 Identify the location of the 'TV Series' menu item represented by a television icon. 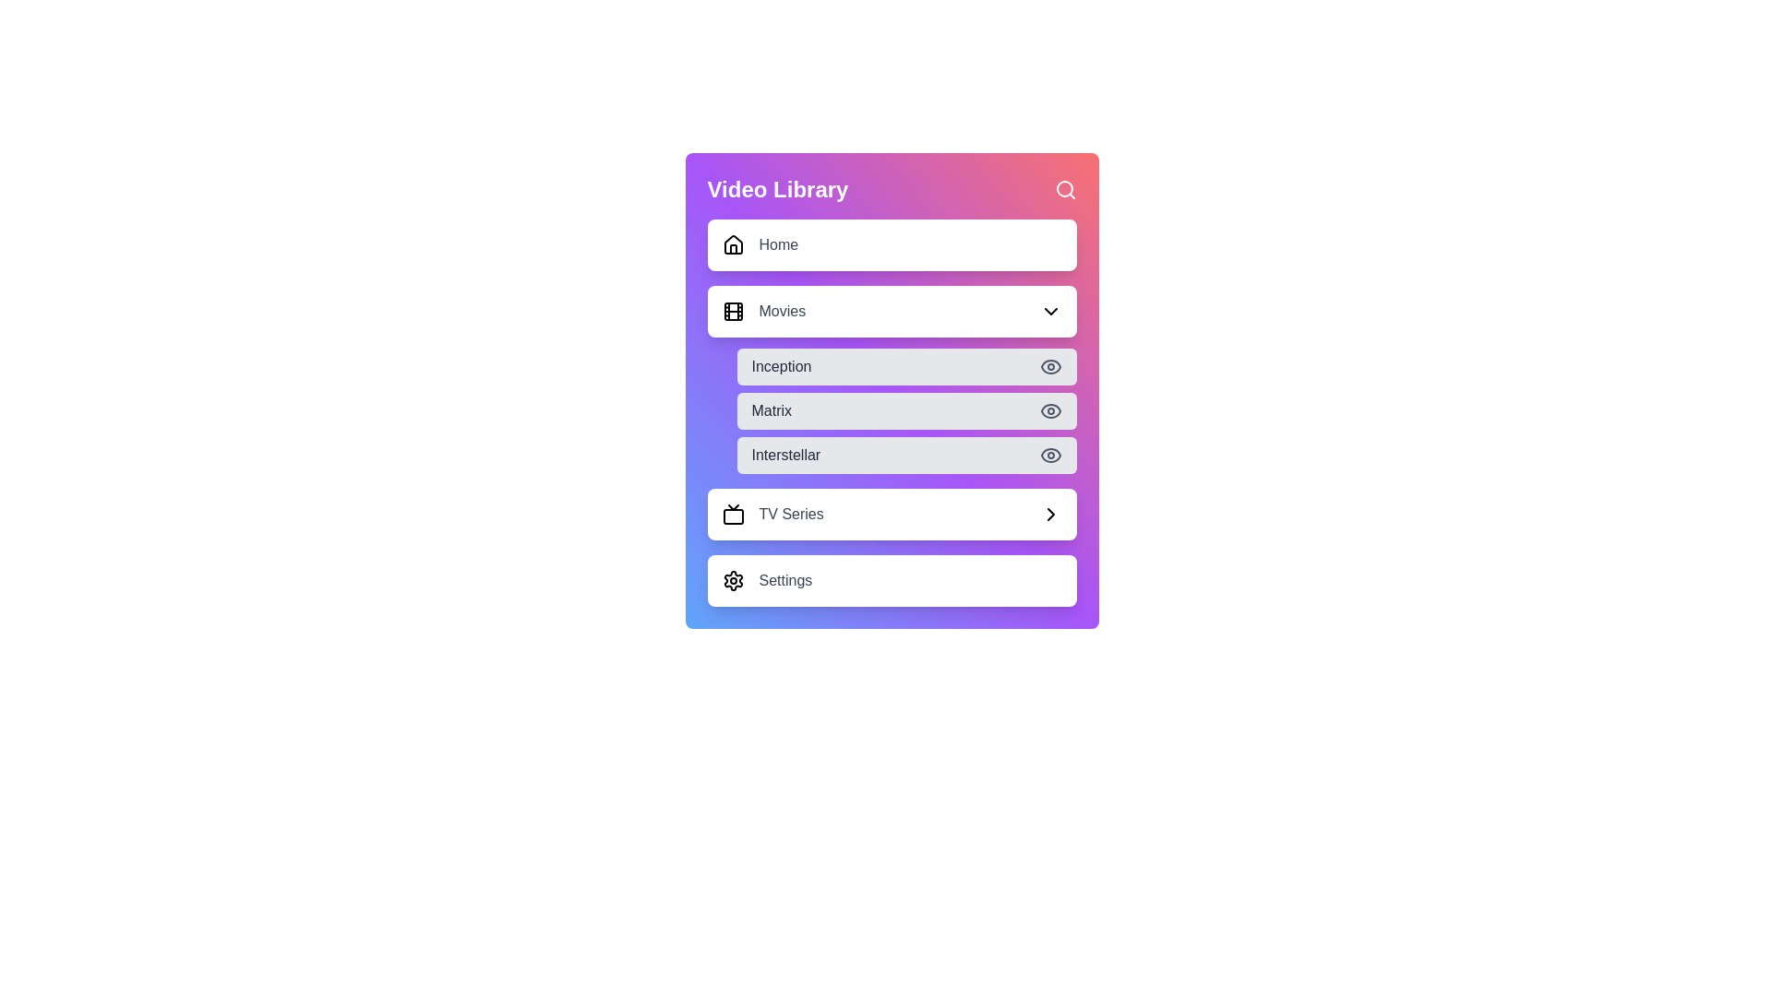
(732, 515).